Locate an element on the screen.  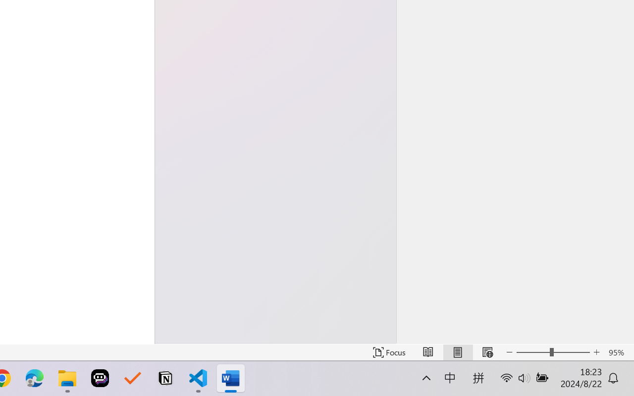
'Zoom 95%' is located at coordinates (618, 352).